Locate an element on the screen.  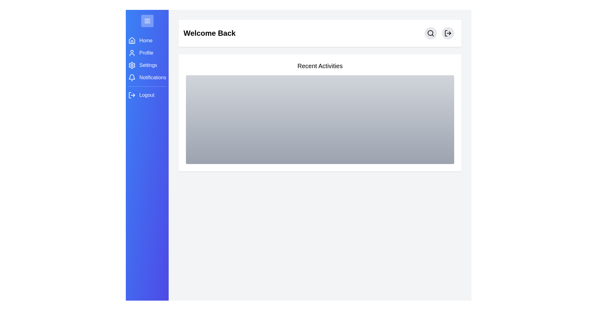
the 'Home' navigation menu item located at the top of the vertical list on the left-hand side of the interface is located at coordinates (147, 40).